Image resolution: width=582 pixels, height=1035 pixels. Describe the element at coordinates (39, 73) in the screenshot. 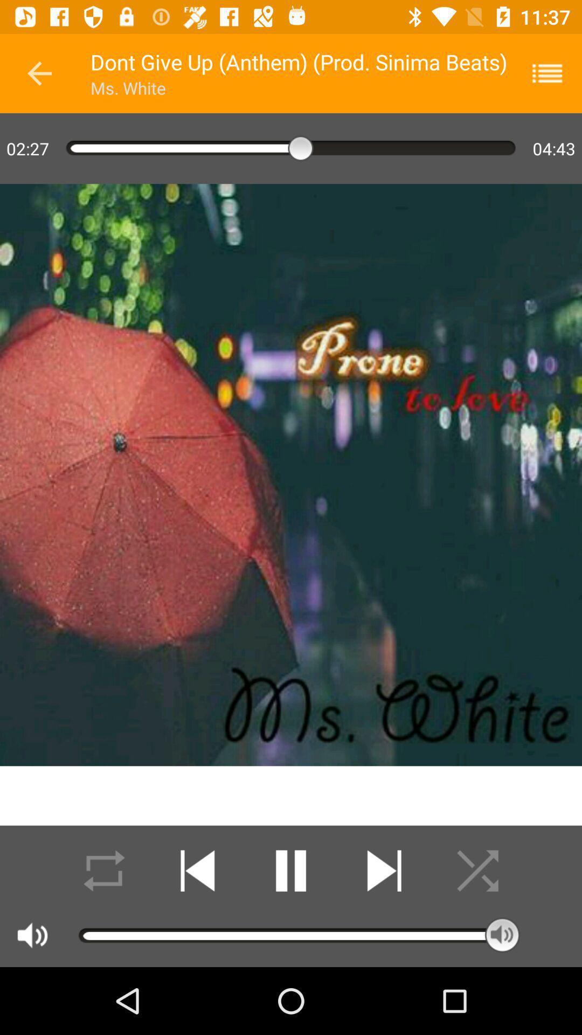

I see `go back` at that location.